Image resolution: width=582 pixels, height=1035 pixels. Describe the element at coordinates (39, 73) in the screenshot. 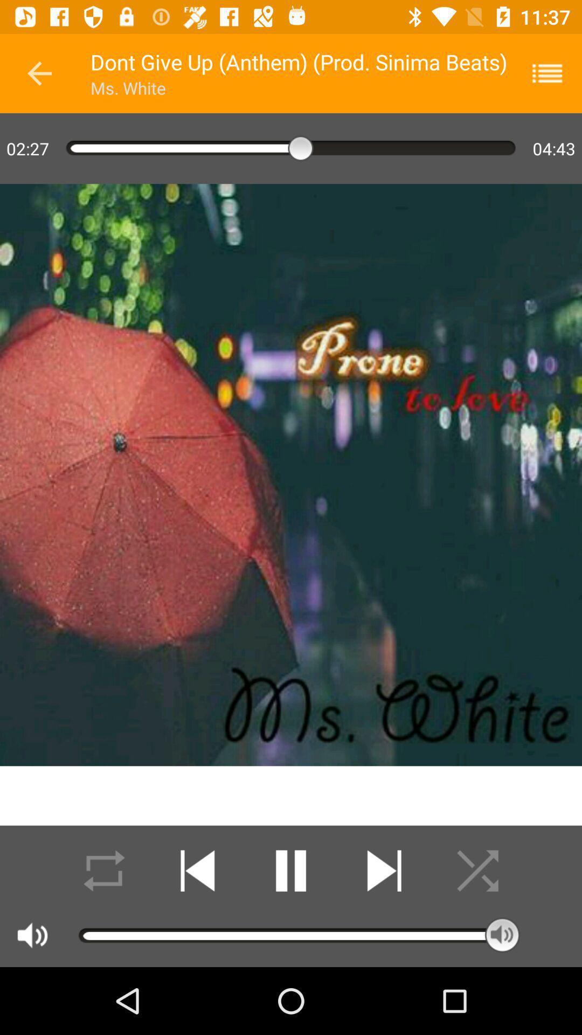

I see `go back` at that location.